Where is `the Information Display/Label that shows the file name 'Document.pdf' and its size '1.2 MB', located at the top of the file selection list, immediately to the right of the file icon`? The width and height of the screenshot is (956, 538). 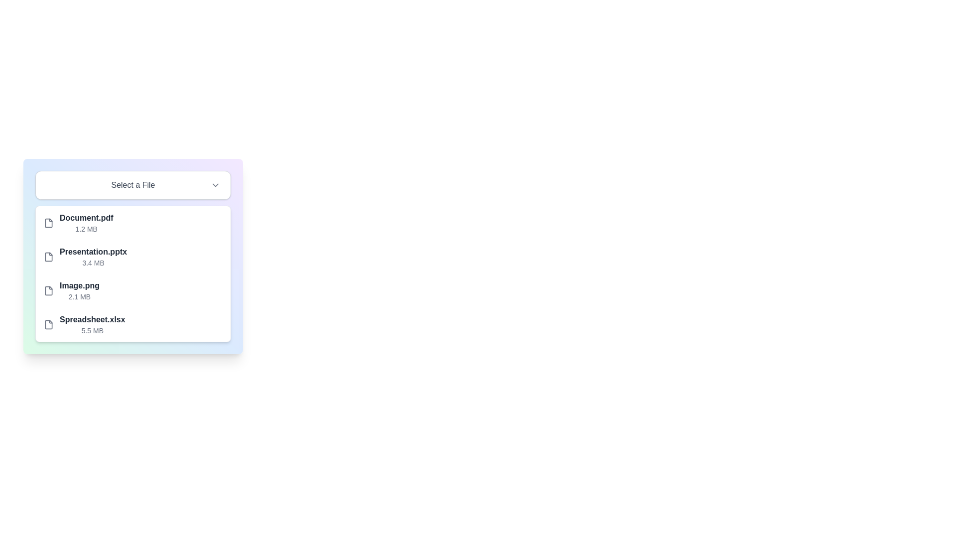
the Information Display/Label that shows the file name 'Document.pdf' and its size '1.2 MB', located at the top of the file selection list, immediately to the right of the file icon is located at coordinates (86, 222).